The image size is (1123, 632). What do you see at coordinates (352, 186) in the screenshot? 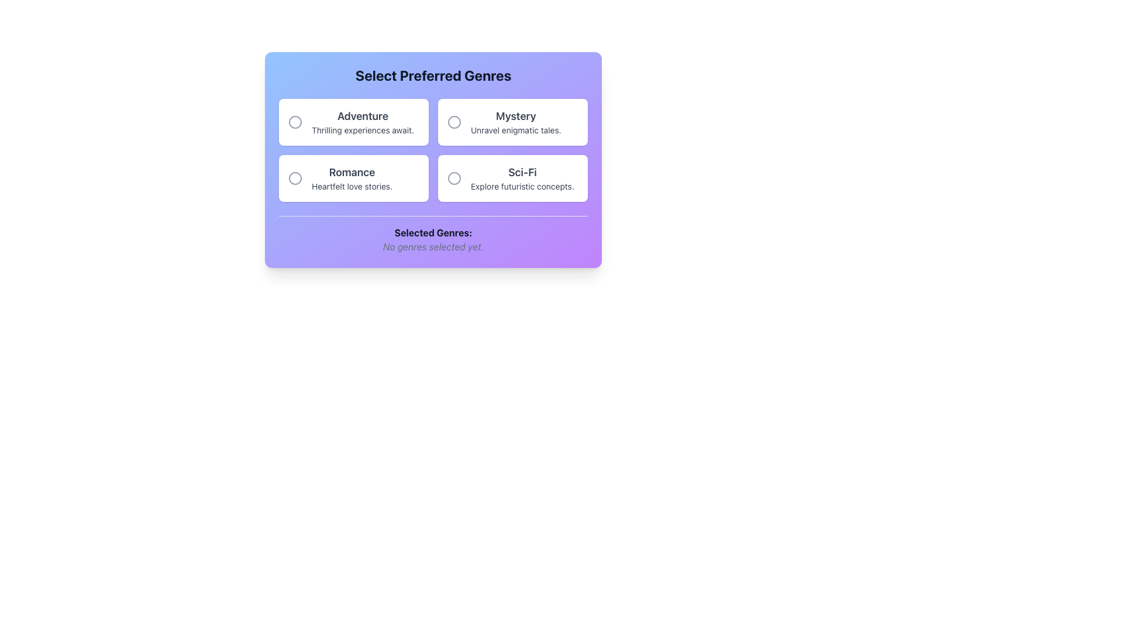
I see `text label 'Heartfelt love stories.' which is located below the title 'Romance' in the grid layout` at bounding box center [352, 186].